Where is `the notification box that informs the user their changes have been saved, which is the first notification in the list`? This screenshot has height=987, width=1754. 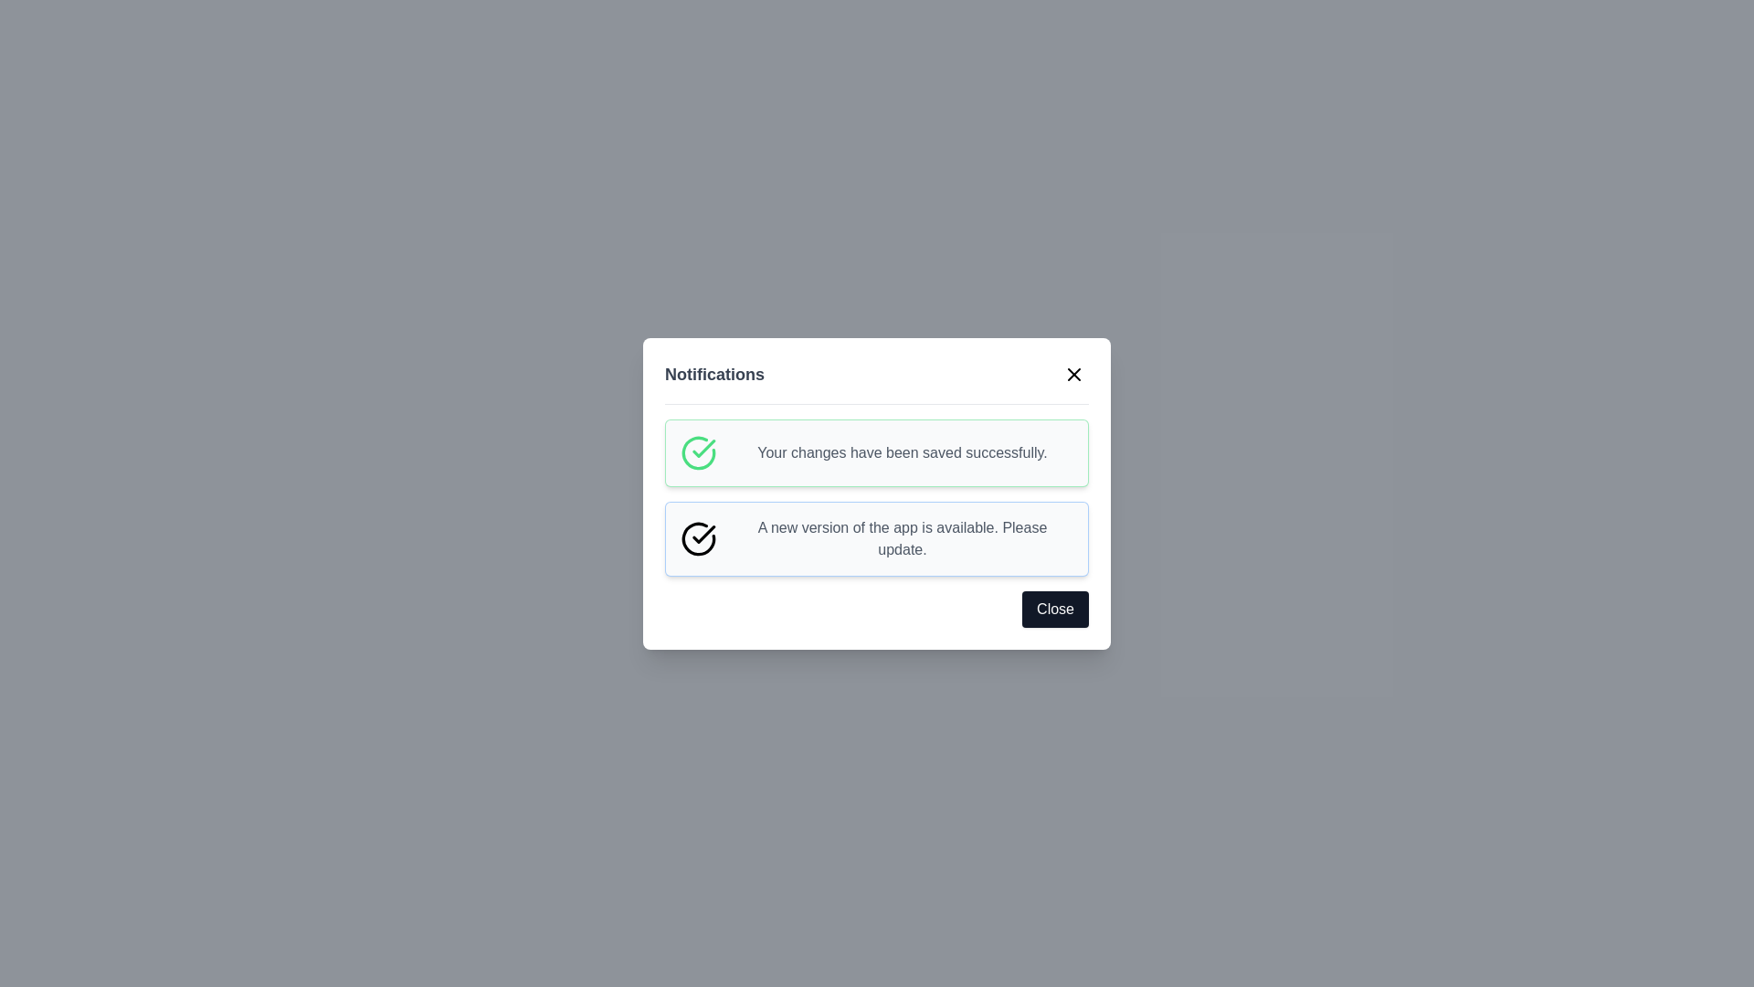
the notification box that informs the user their changes have been saved, which is the first notification in the list is located at coordinates (877, 451).